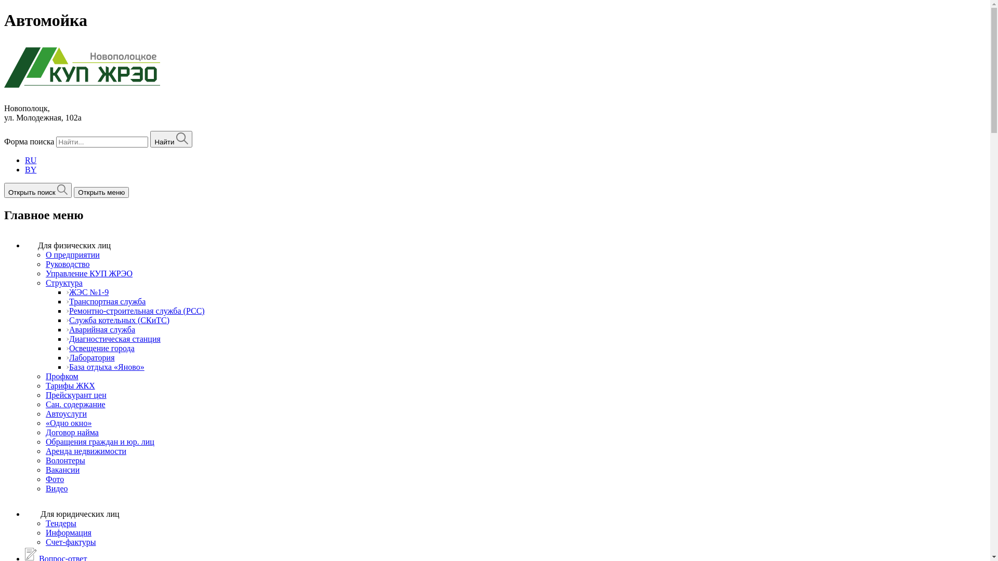 This screenshot has width=998, height=561. What do you see at coordinates (30, 169) in the screenshot?
I see `'BY'` at bounding box center [30, 169].